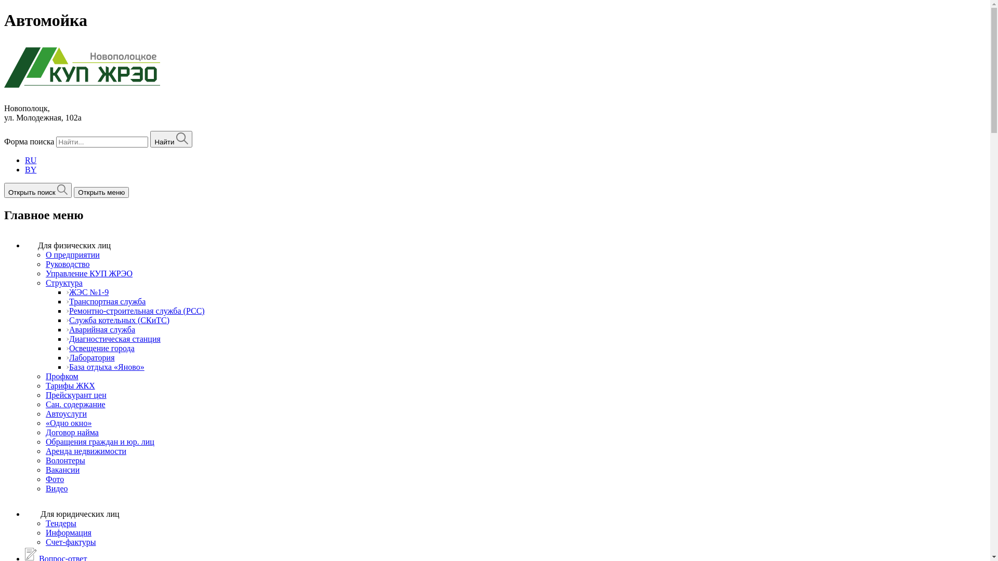 This screenshot has width=998, height=561. What do you see at coordinates (30, 169) in the screenshot?
I see `'BY'` at bounding box center [30, 169].